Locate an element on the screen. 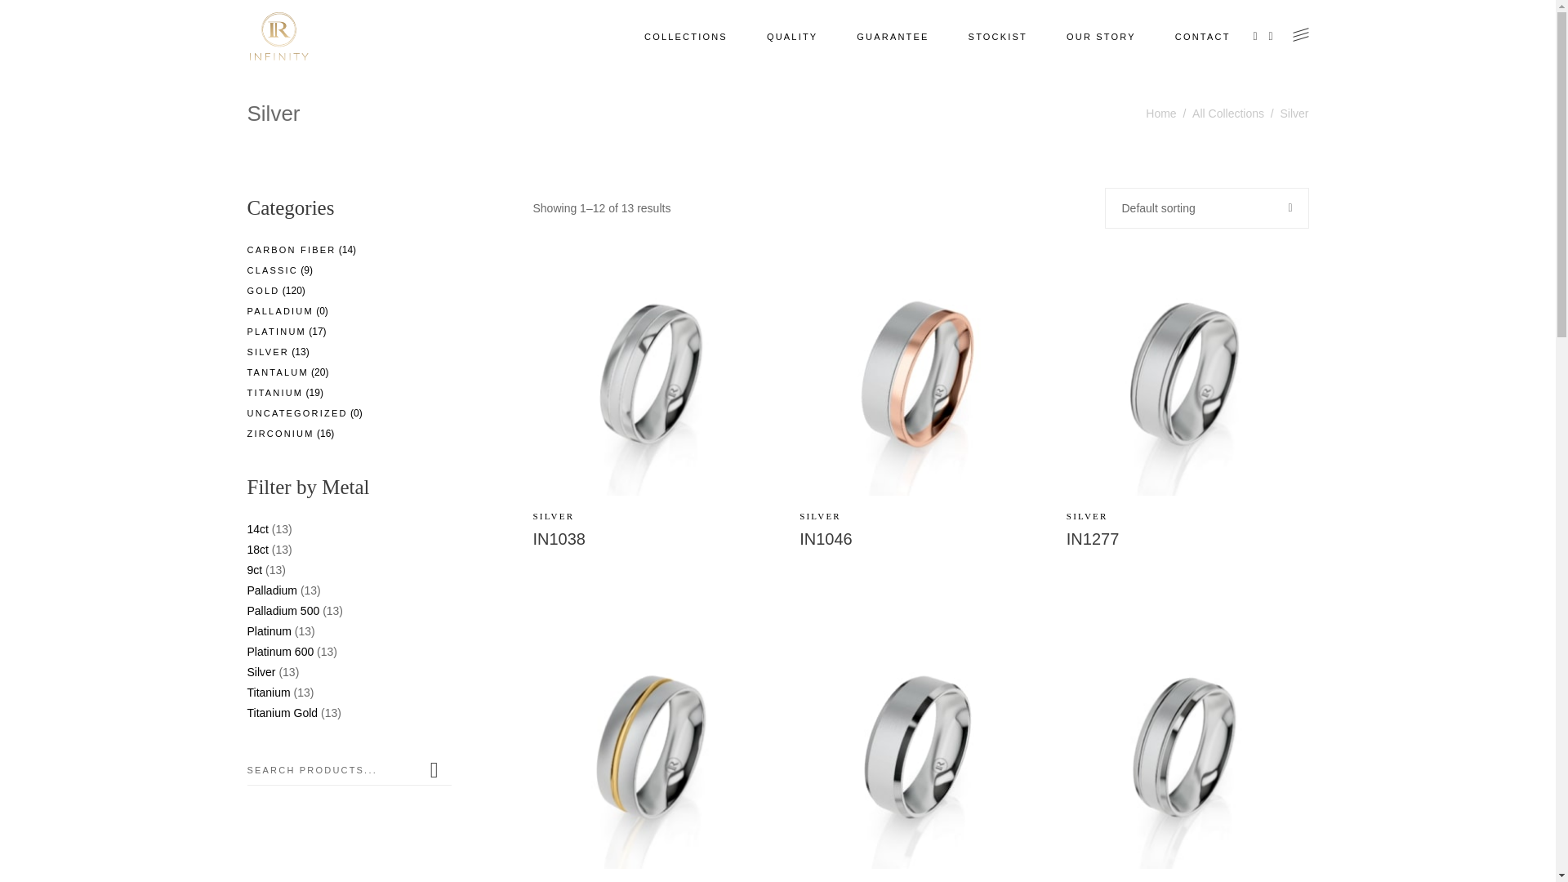 The width and height of the screenshot is (1568, 882). 'Silver' is located at coordinates (260, 671).